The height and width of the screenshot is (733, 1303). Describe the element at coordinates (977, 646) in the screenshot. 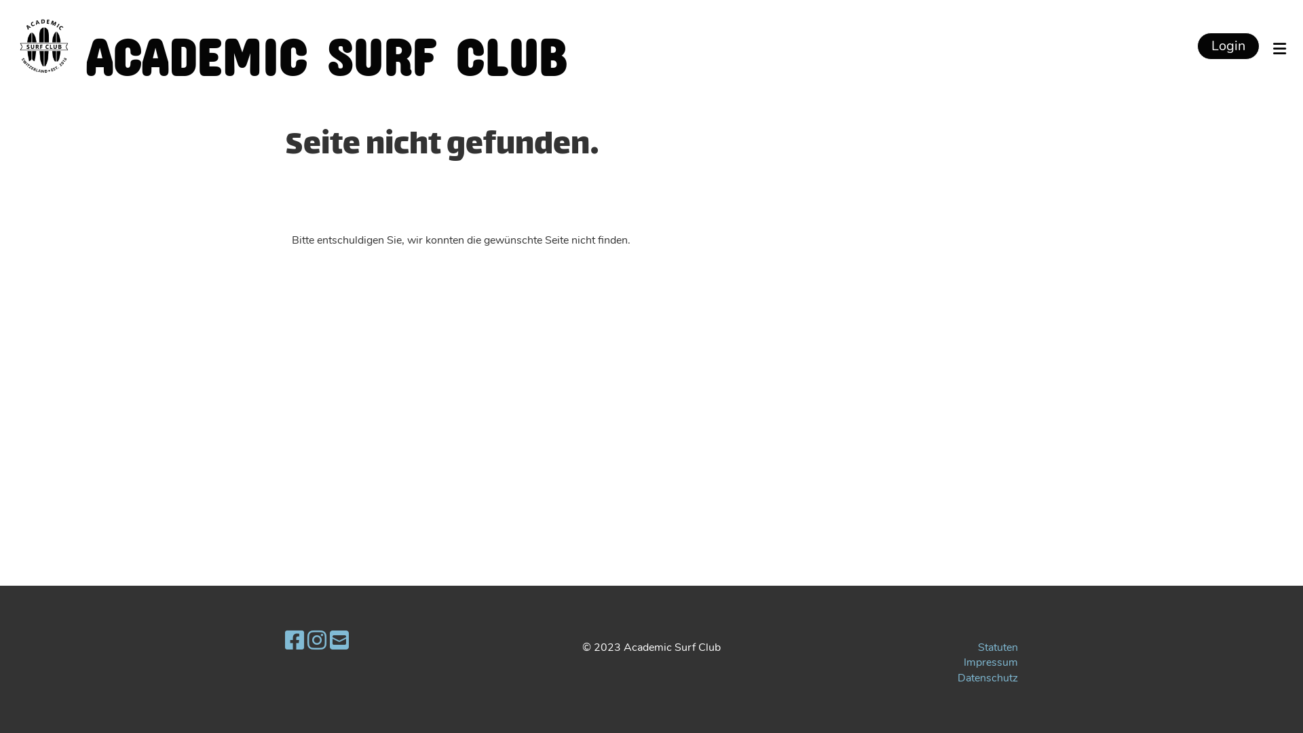

I see `'Statuten'` at that location.